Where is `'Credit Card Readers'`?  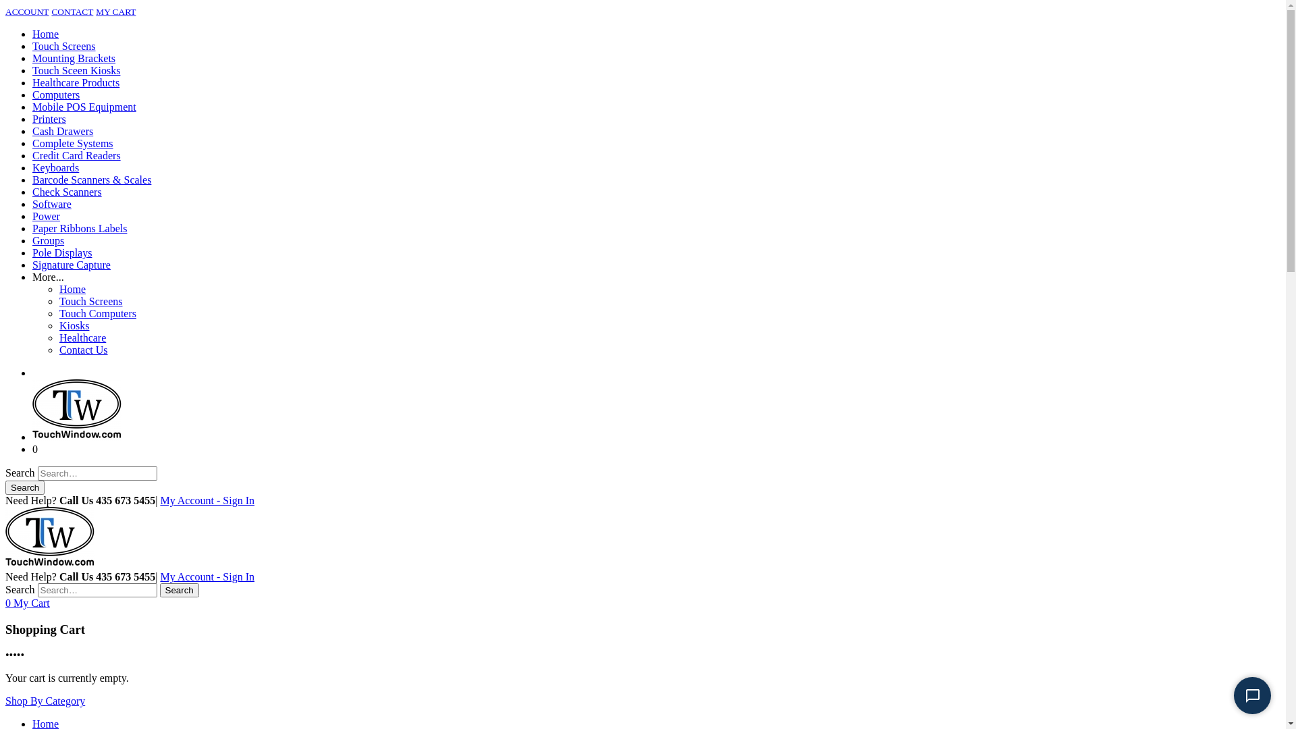 'Credit Card Readers' is located at coordinates (76, 155).